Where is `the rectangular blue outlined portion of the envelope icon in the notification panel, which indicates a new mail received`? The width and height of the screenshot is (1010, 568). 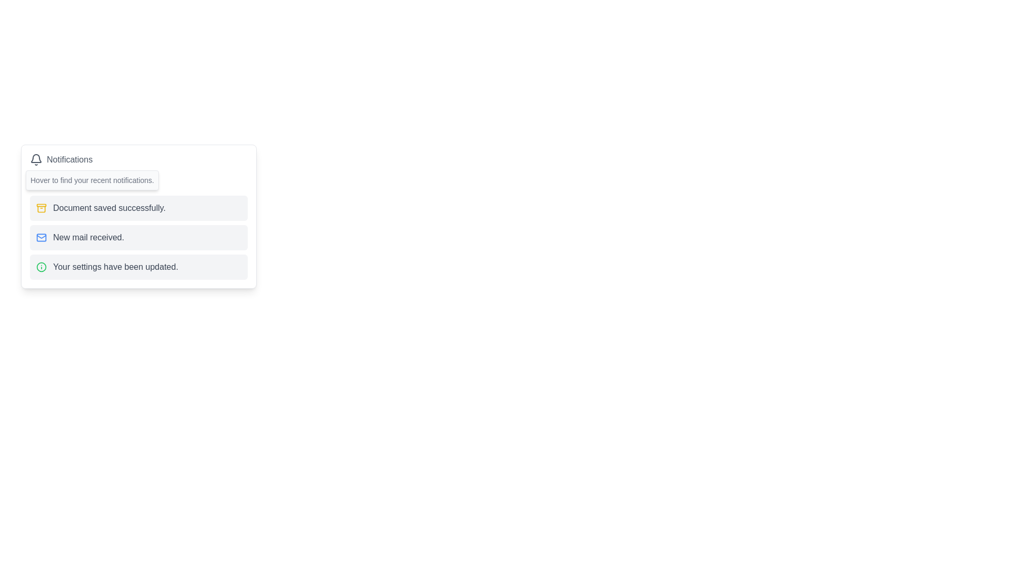
the rectangular blue outlined portion of the envelope icon in the notification panel, which indicates a new mail received is located at coordinates (41, 237).